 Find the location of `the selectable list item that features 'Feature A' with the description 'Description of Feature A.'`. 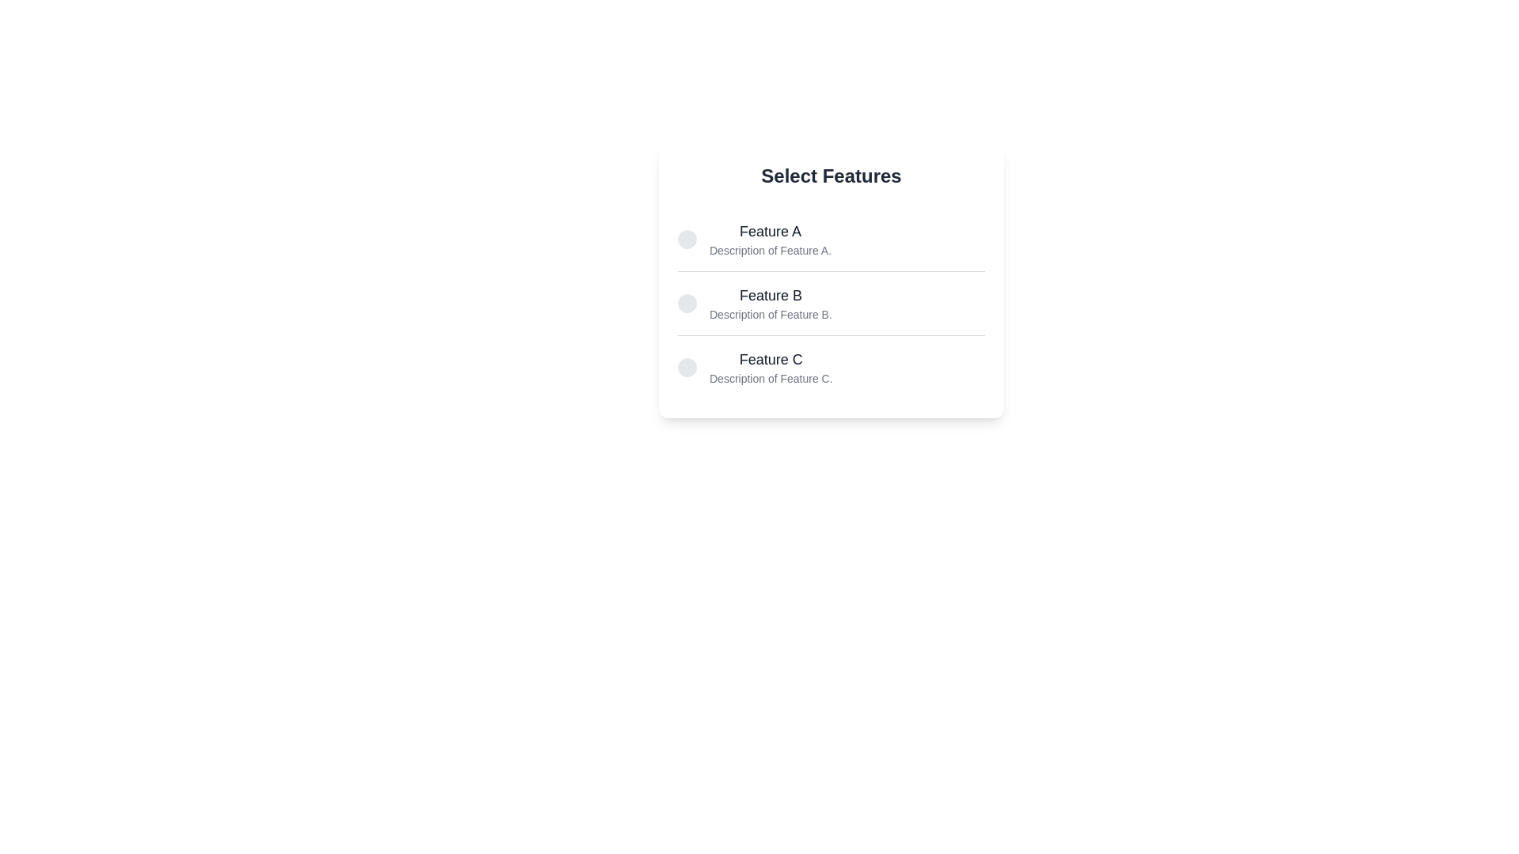

the selectable list item that features 'Feature A' with the description 'Description of Feature A.' is located at coordinates (754, 240).